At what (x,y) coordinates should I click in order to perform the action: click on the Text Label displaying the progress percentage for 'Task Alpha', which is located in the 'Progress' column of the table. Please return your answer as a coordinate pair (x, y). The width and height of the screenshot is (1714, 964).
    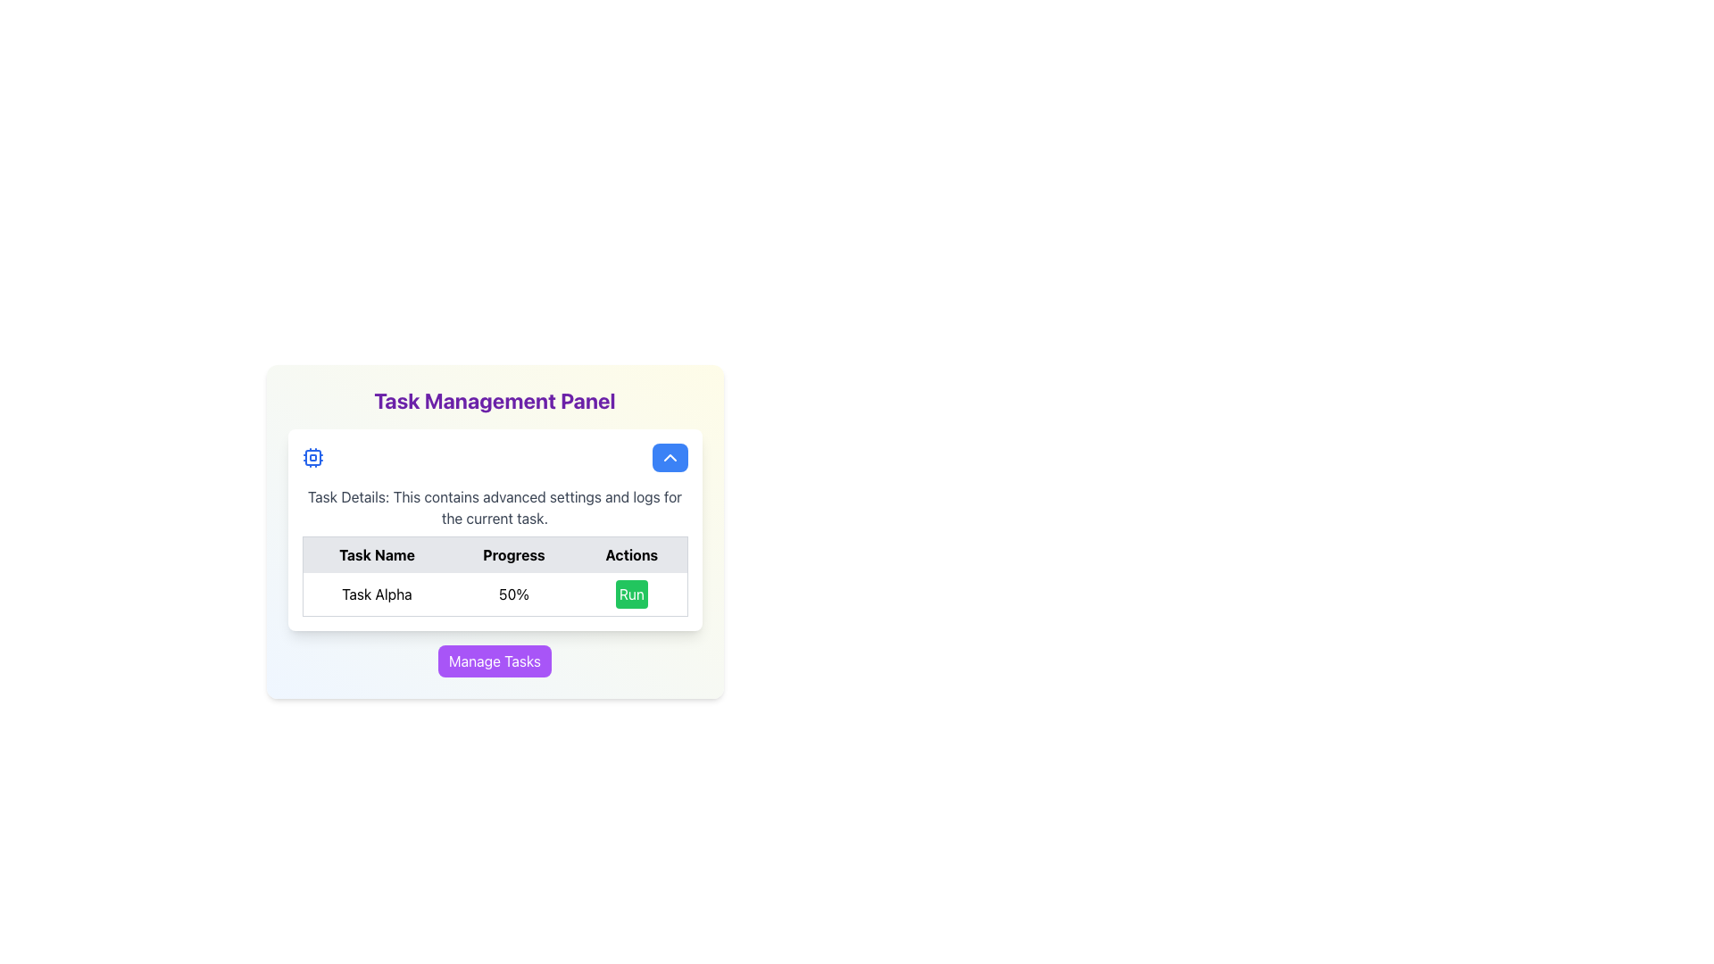
    Looking at the image, I should click on (512, 594).